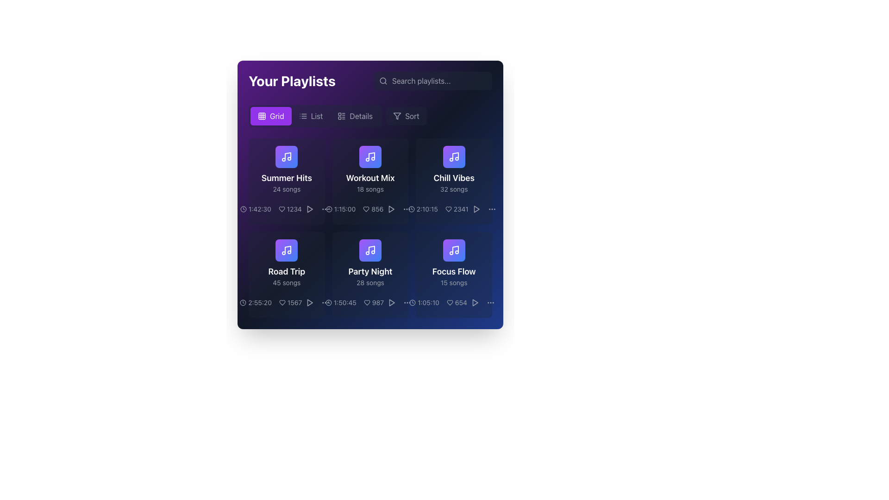 This screenshot has height=500, width=889. I want to click on the heart icon in the 'Your Playlists' section, so click(366, 209).